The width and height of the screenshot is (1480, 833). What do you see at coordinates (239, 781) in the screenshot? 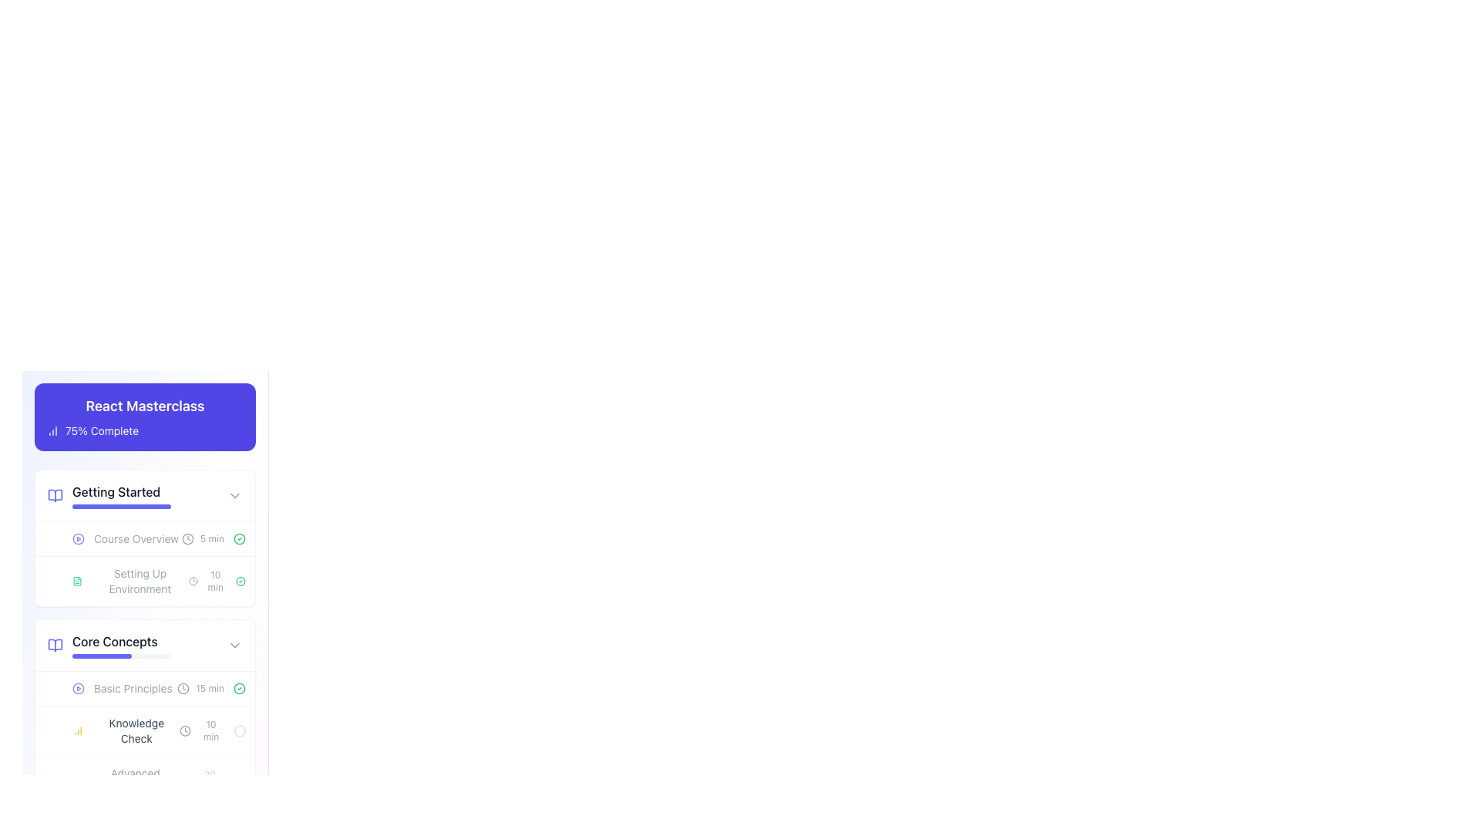
I see `the visual state of the lock icon located in the bottom right corner of the 'Knowledge Check' section, positioned below the '10 min' time label` at bounding box center [239, 781].